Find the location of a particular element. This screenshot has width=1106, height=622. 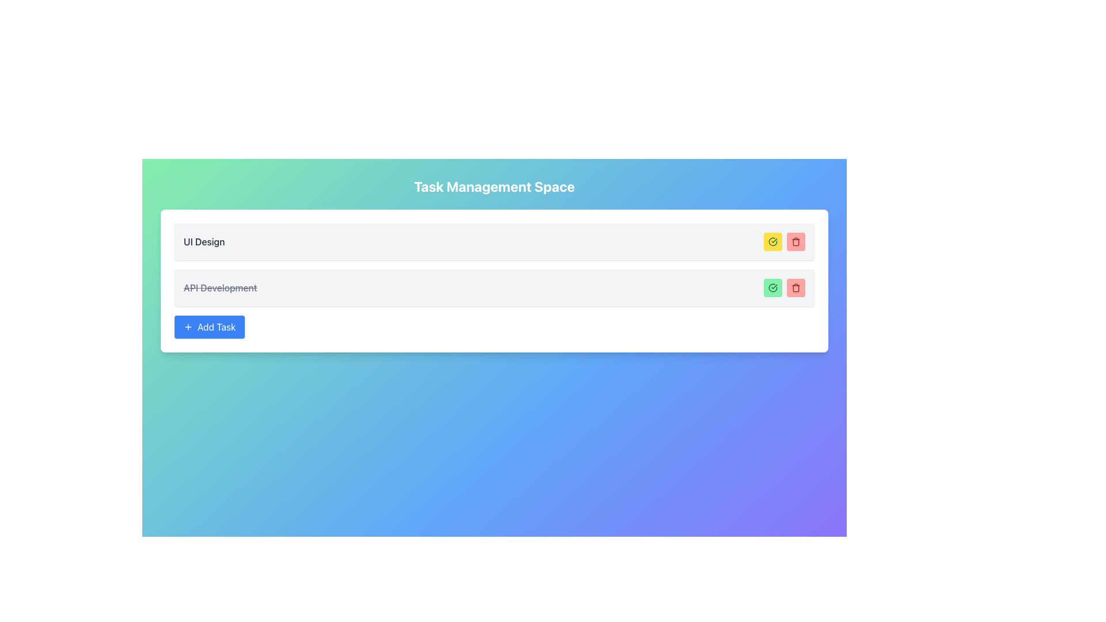

the delete button located is located at coordinates (796, 241).